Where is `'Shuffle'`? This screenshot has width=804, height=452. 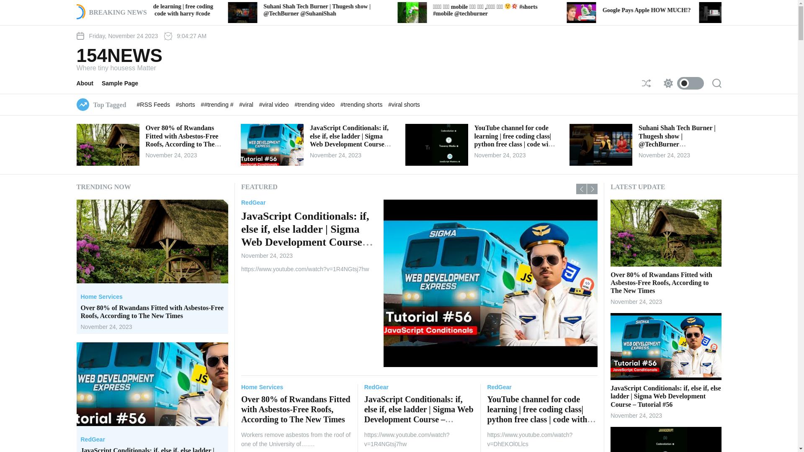 'Shuffle' is located at coordinates (641, 83).